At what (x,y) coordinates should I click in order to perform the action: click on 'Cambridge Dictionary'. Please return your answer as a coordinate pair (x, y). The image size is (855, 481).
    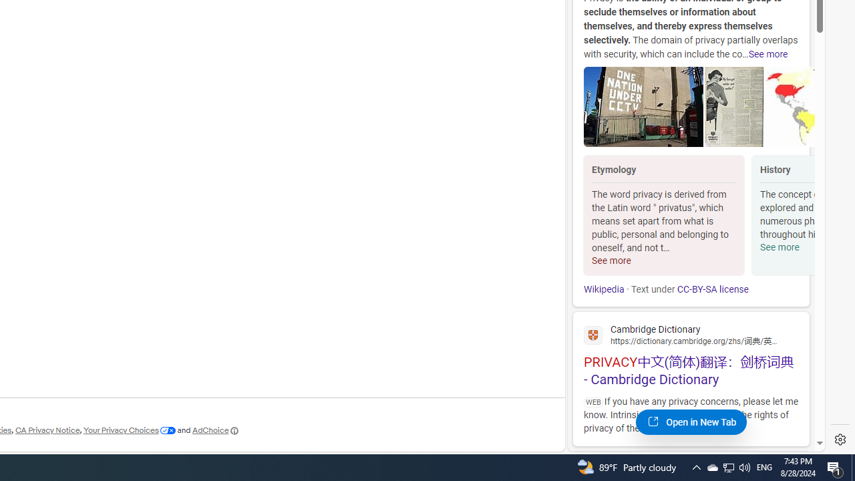
    Looking at the image, I should click on (691, 333).